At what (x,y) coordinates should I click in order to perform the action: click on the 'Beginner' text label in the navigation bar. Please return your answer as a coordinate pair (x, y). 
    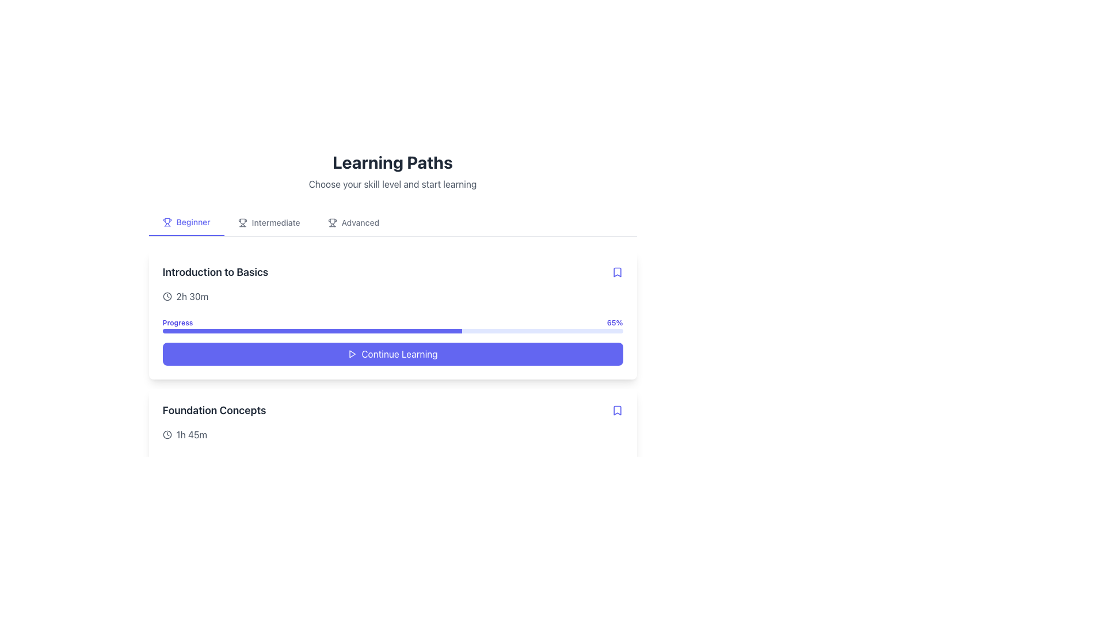
    Looking at the image, I should click on (193, 222).